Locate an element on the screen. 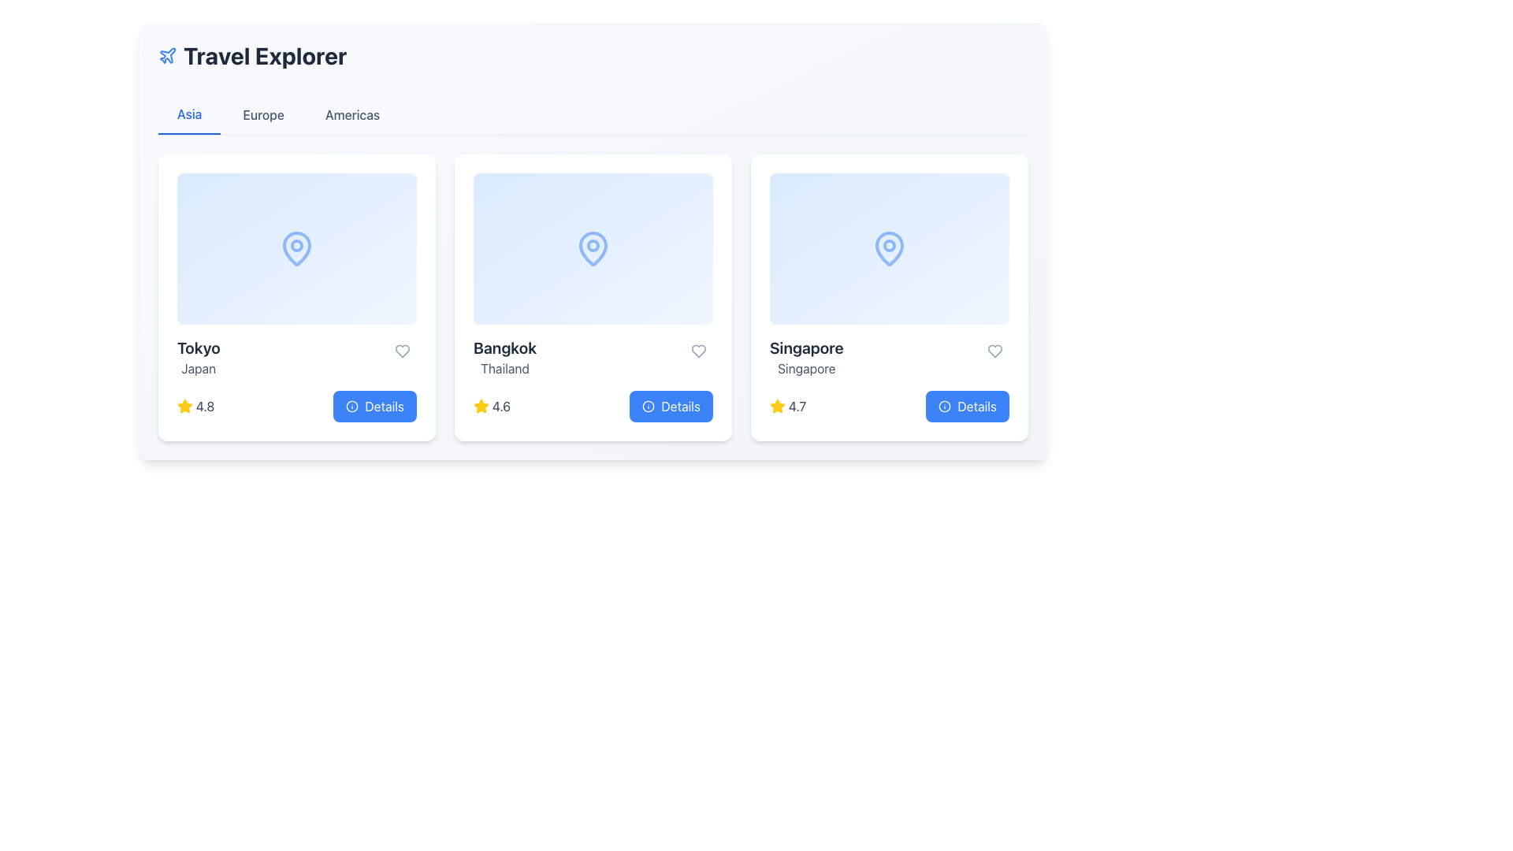 Image resolution: width=1513 pixels, height=851 pixels. the heart icon located in the bottom-right corner of the Singapore card is located at coordinates (994, 351).